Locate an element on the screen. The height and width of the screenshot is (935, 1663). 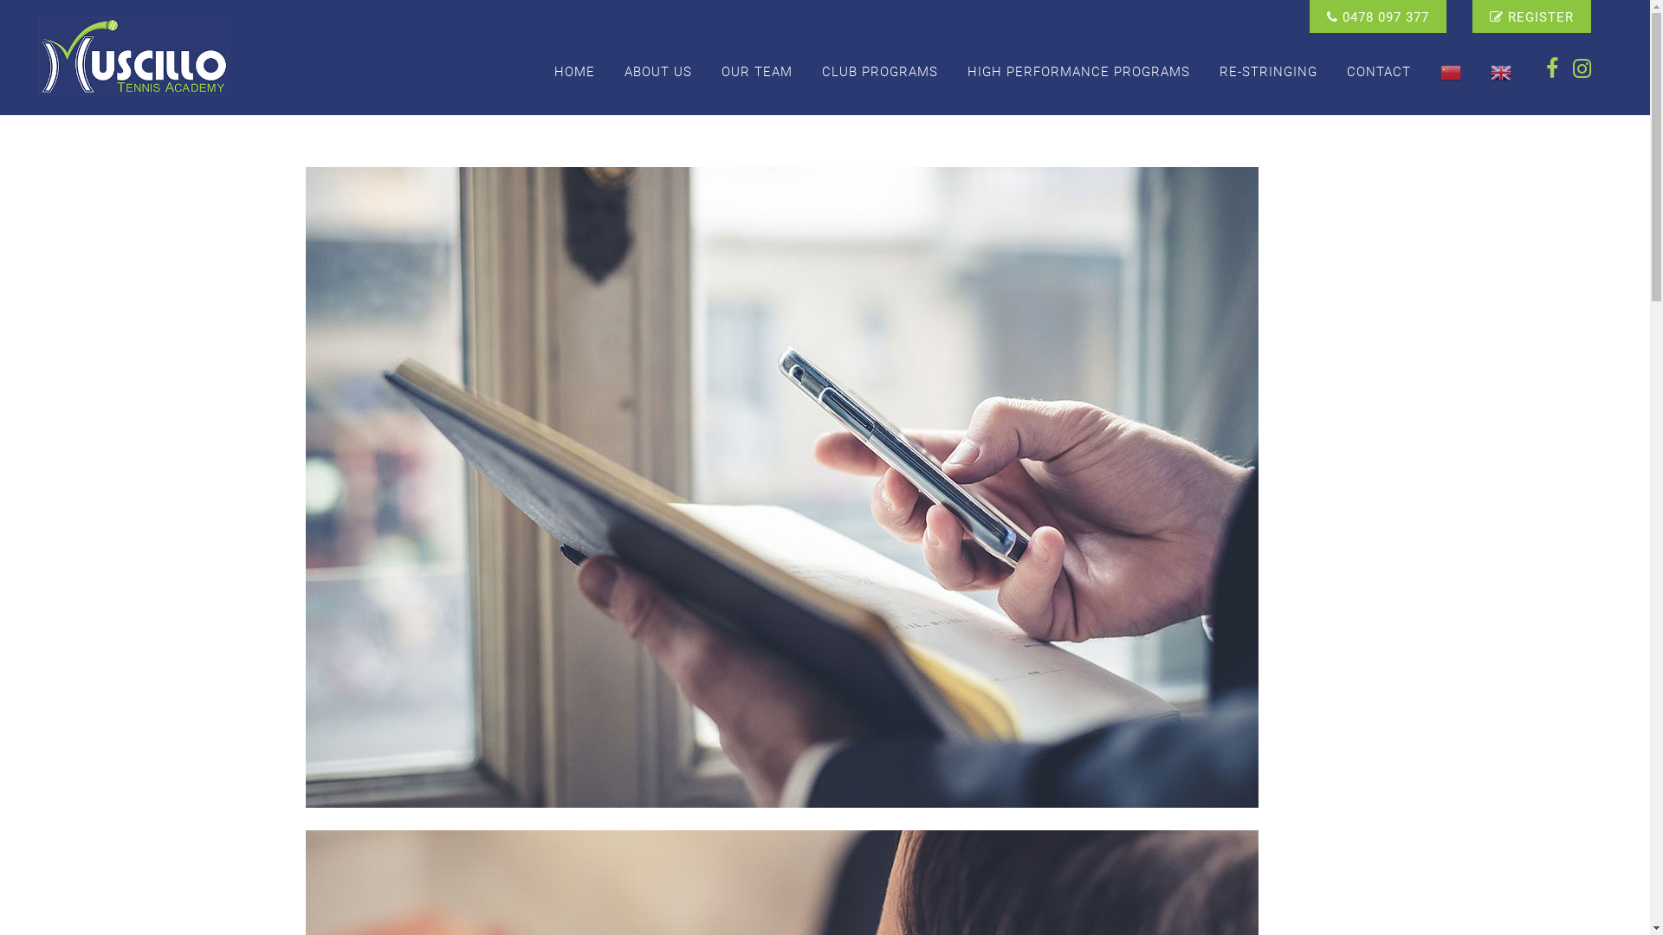
'HIGH PERFORMANCE PROGRAMS' is located at coordinates (1077, 71).